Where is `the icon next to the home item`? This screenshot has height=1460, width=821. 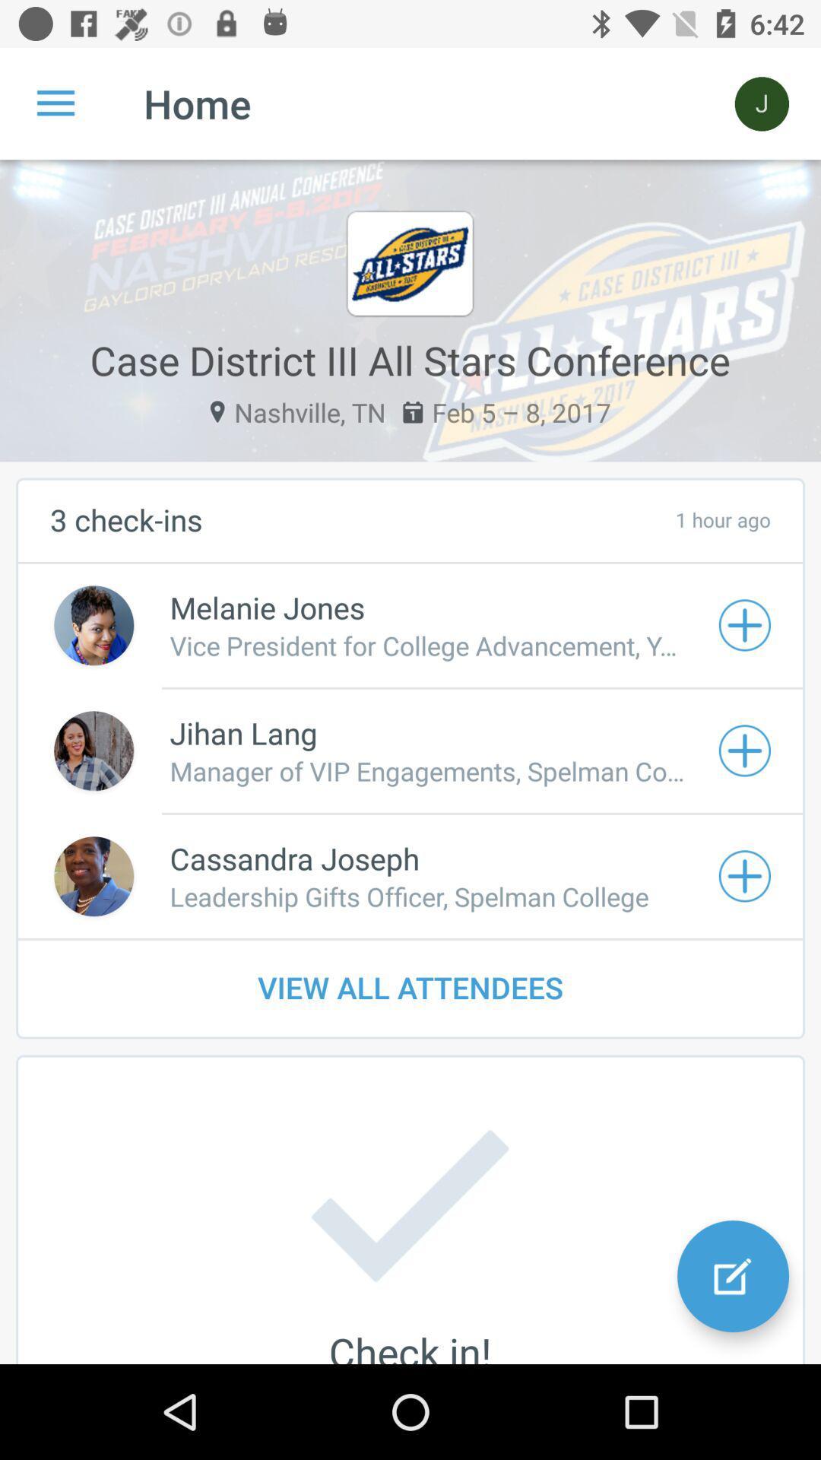
the icon next to the home item is located at coordinates (762, 103).